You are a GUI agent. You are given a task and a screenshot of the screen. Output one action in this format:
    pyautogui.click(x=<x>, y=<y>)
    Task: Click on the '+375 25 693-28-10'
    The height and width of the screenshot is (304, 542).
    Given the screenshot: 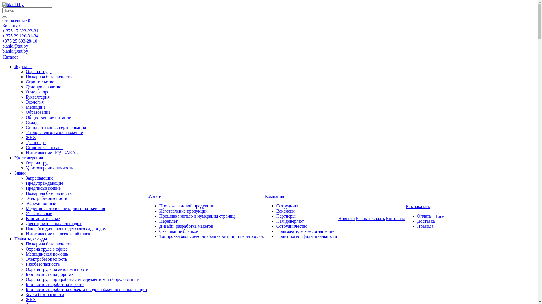 What is the action you would take?
    pyautogui.click(x=2, y=41)
    